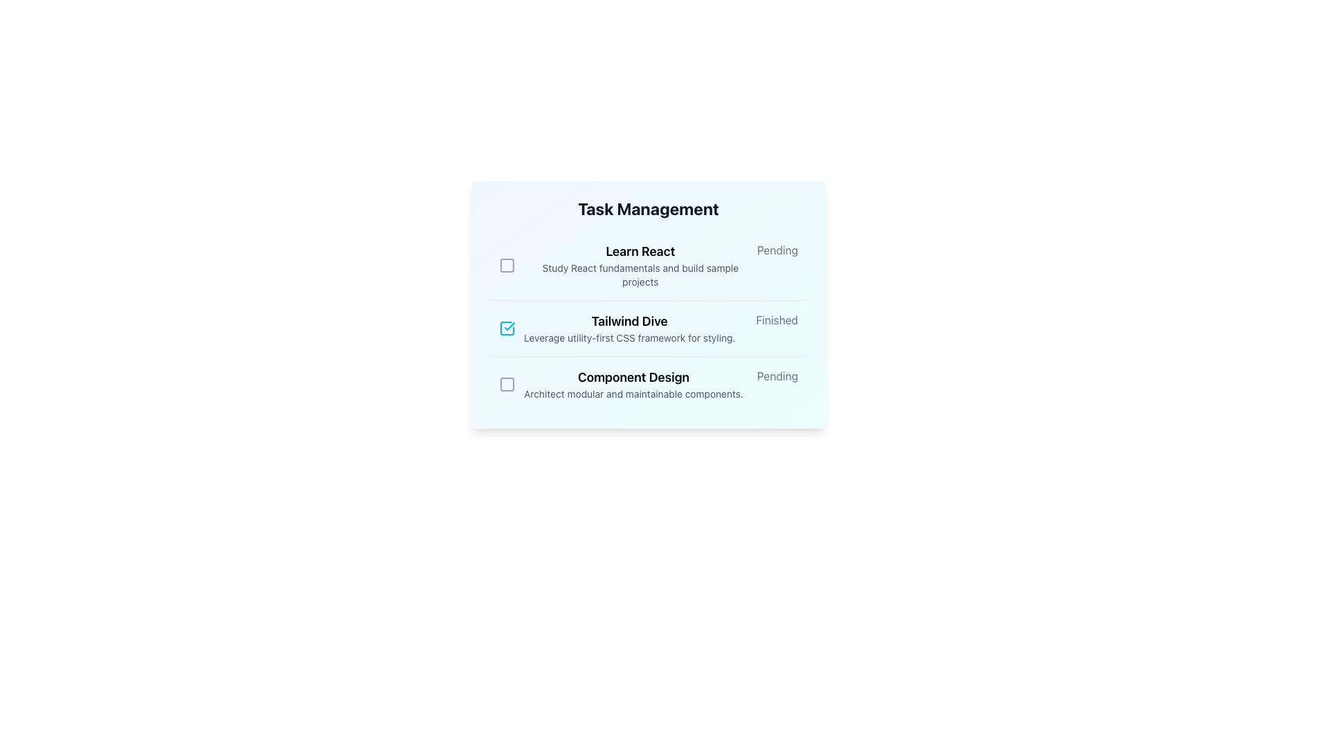 The image size is (1329, 747). What do you see at coordinates (507, 384) in the screenshot?
I see `the checkbox located in the third row of the Task Management section, associated with the task 'Component Design'` at bounding box center [507, 384].